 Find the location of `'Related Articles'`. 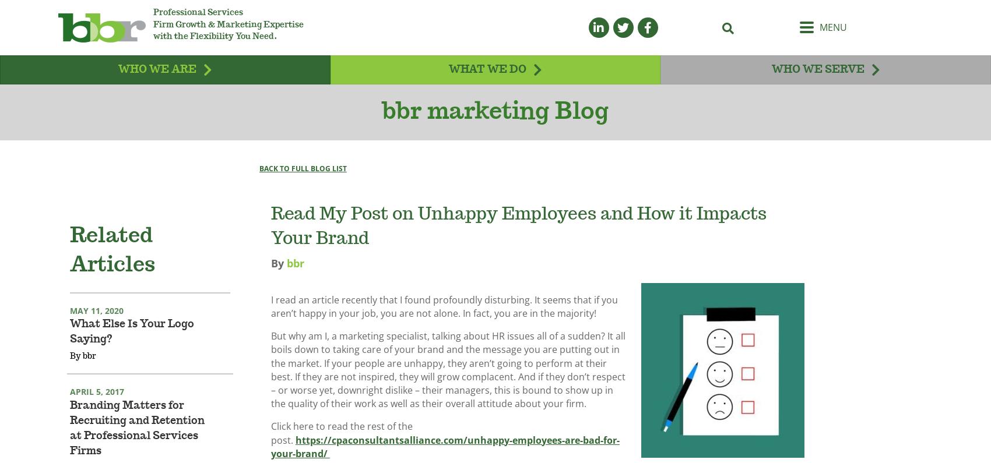

'Related Articles' is located at coordinates (112, 266).